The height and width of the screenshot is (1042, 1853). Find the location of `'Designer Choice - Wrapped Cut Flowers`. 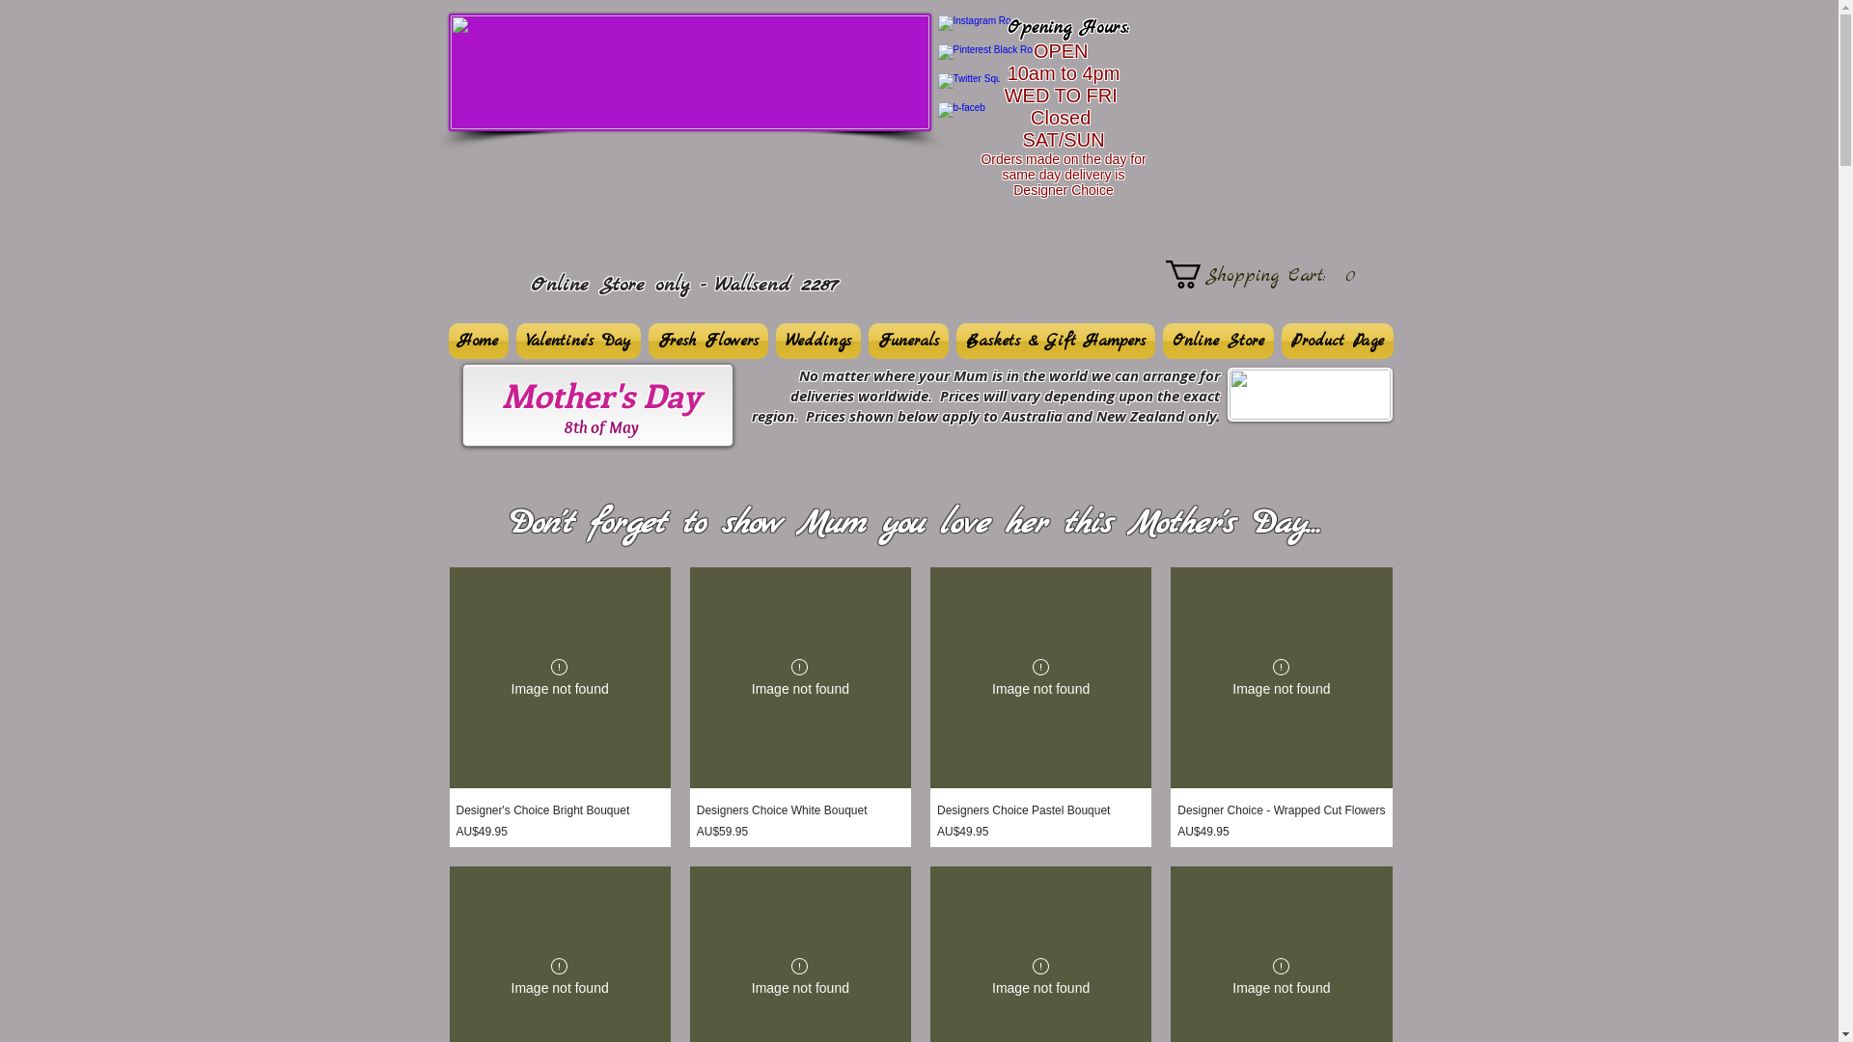

'Designer Choice - Wrapped Cut Flowers is located at coordinates (1281, 676).